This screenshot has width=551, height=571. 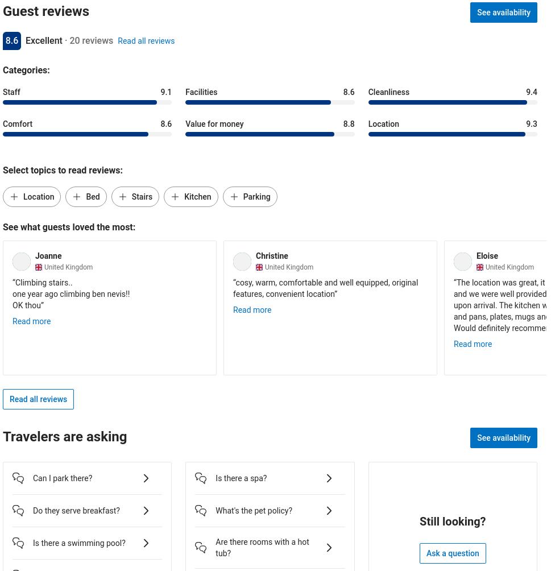 I want to click on 'Climbing stairs..
 one year ago climbing ben nevis!! 
OK thou', so click(x=12, y=293).